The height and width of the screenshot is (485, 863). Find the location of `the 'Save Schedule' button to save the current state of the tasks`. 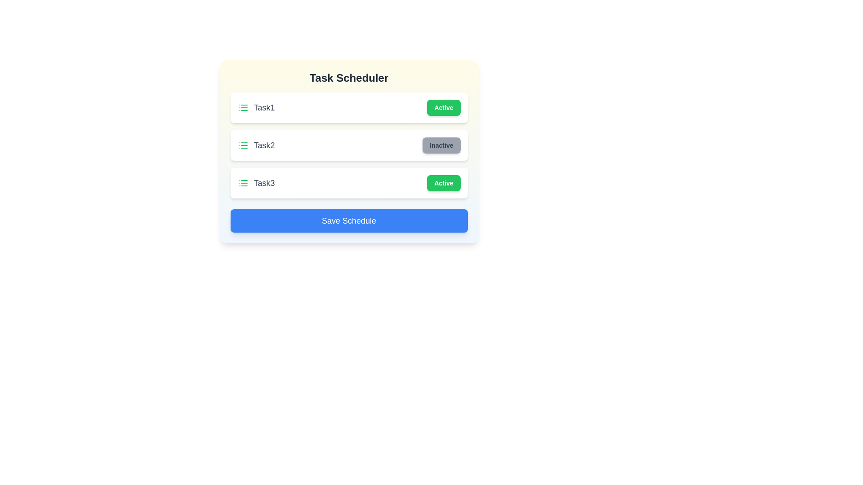

the 'Save Schedule' button to save the current state of the tasks is located at coordinates (348, 221).